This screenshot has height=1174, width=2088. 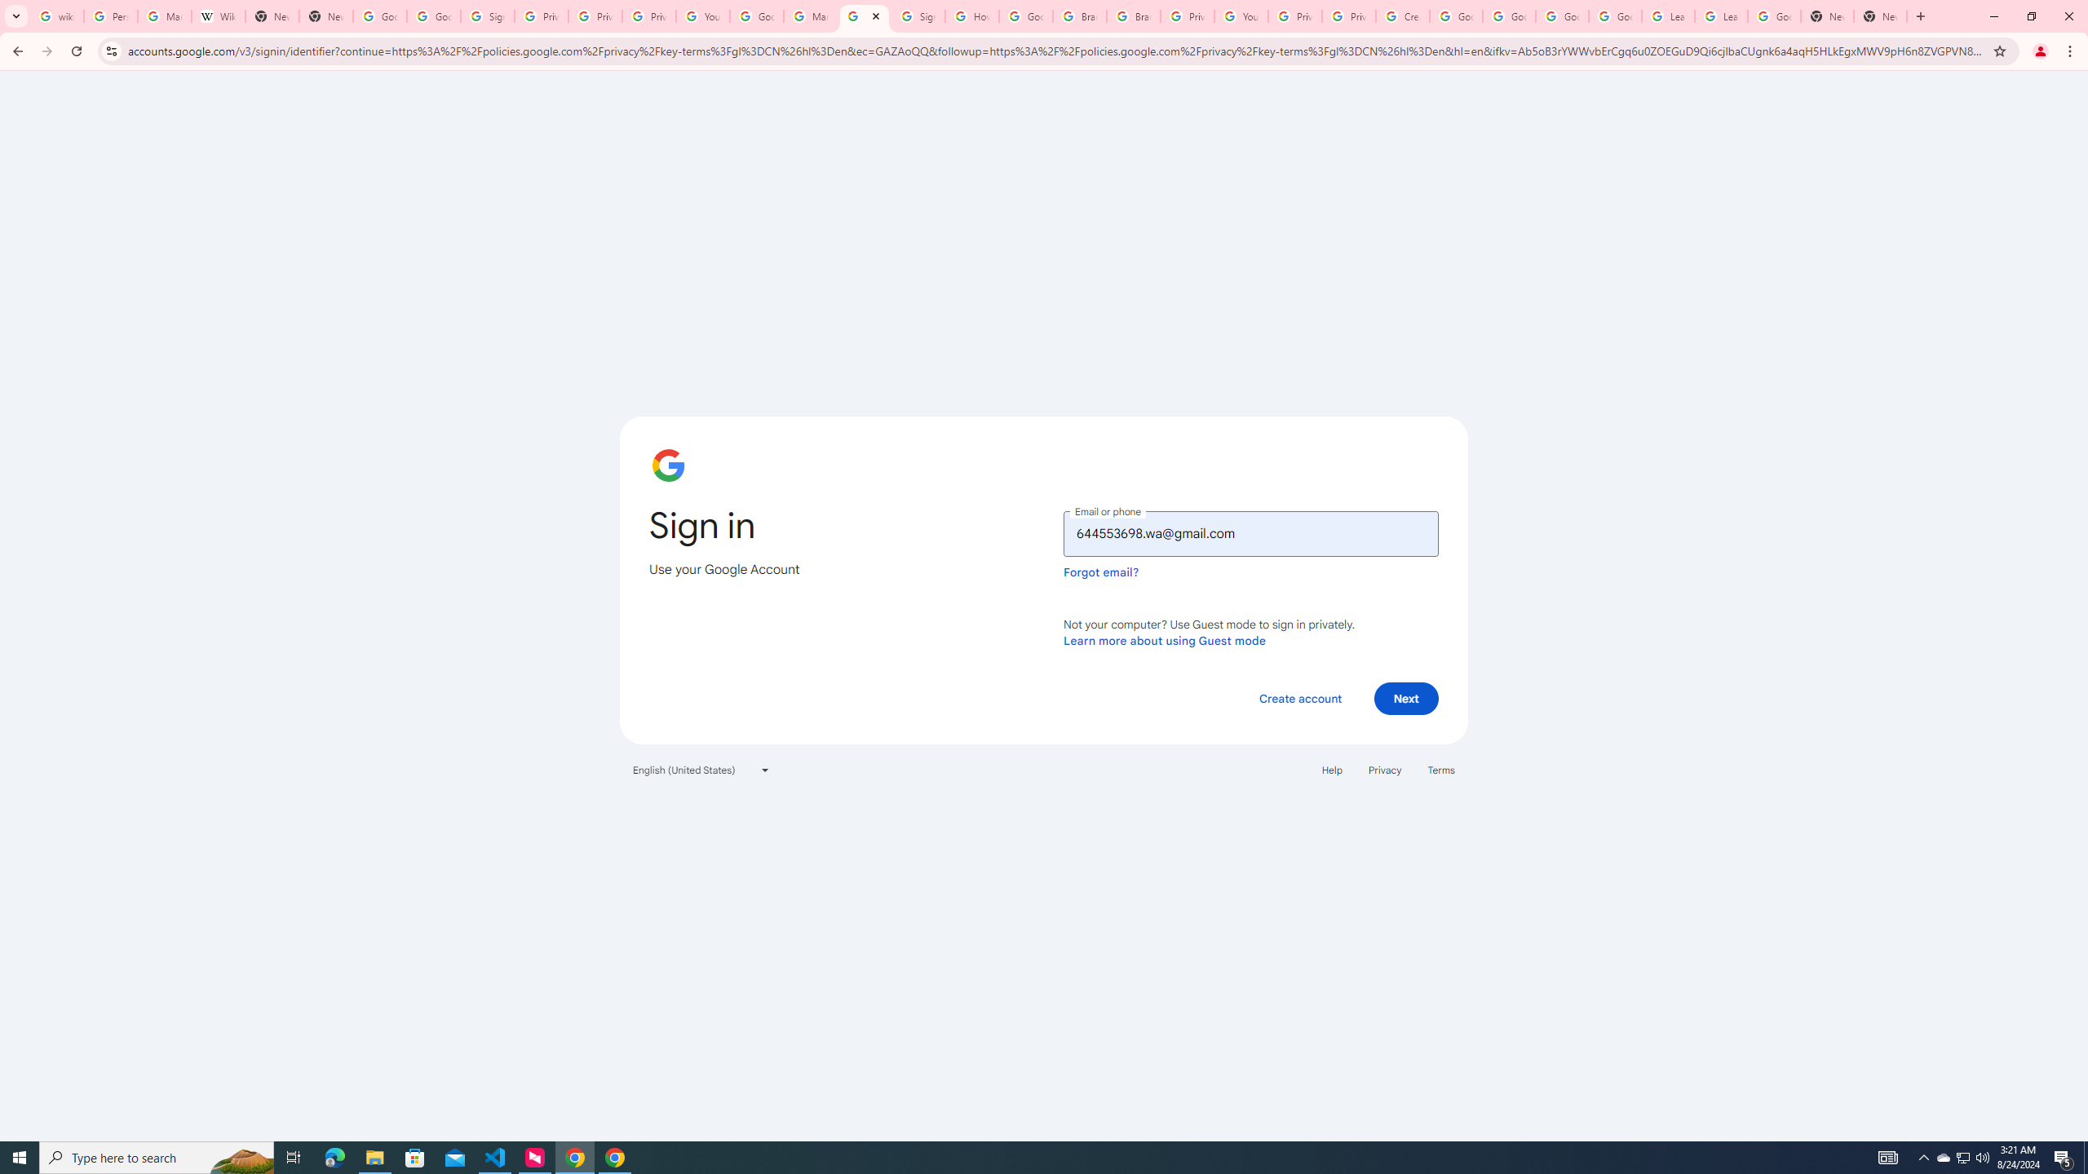 I want to click on 'Personalization & Google Search results - Google Search Help', so click(x=110, y=15).